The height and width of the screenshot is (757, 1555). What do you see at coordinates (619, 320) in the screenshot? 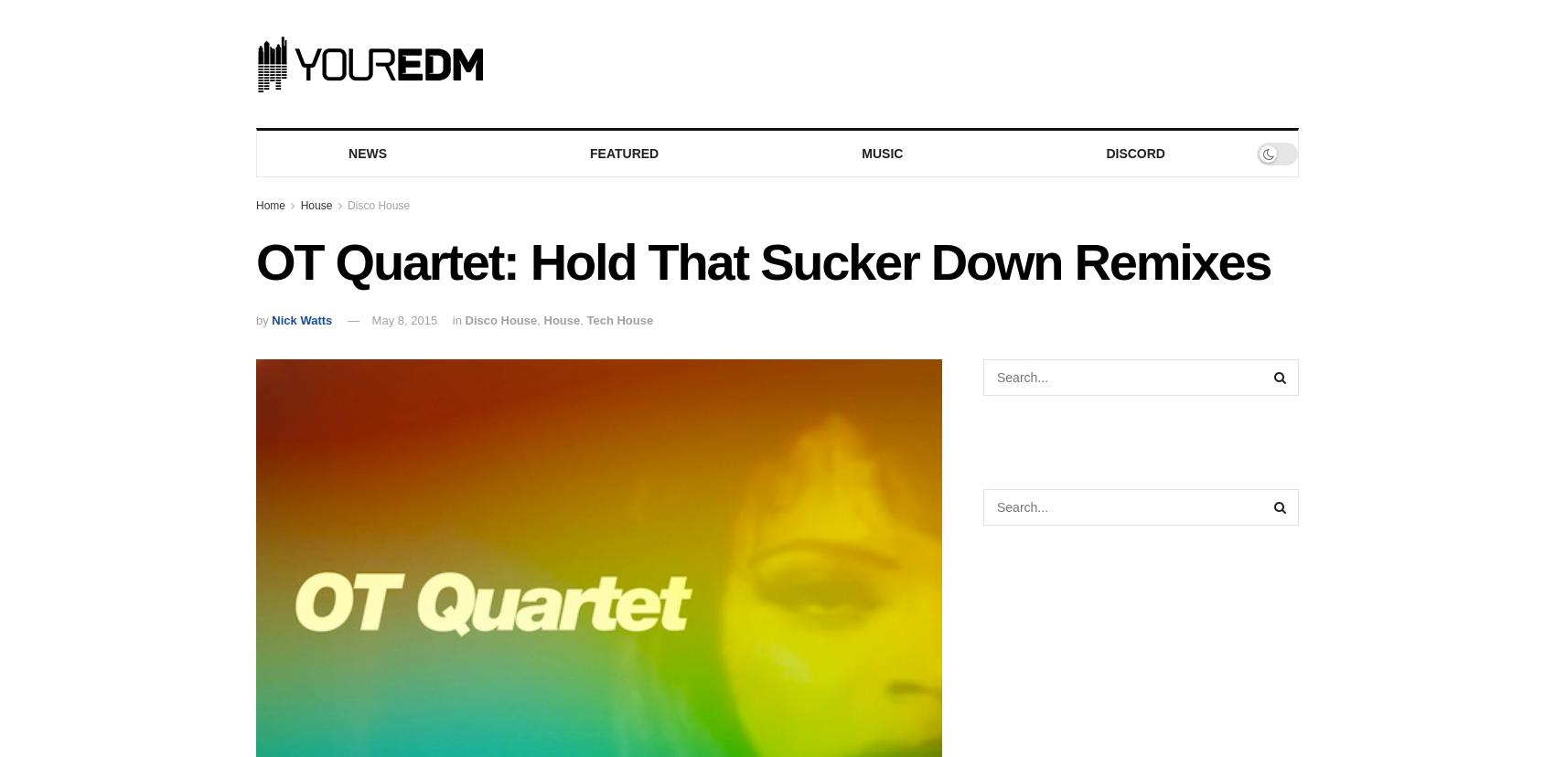
I see `'Tech House'` at bounding box center [619, 320].